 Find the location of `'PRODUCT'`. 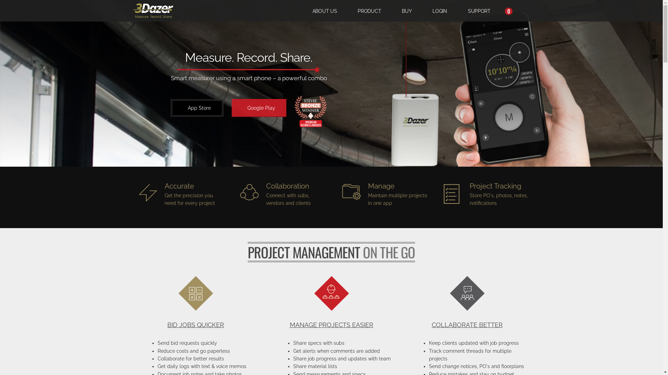

'PRODUCT' is located at coordinates (369, 10).